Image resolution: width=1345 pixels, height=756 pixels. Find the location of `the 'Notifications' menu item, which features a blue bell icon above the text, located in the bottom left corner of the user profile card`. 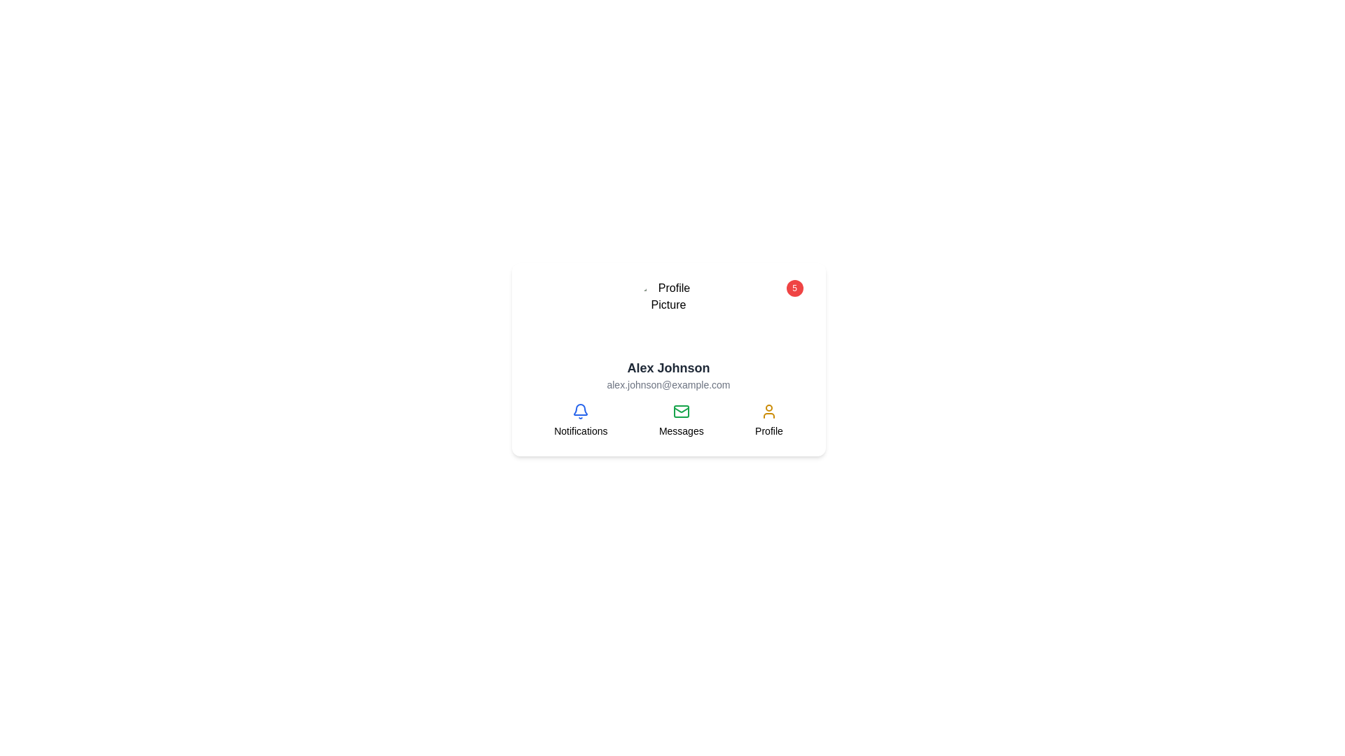

the 'Notifications' menu item, which features a blue bell icon above the text, located in the bottom left corner of the user profile card is located at coordinates (581, 420).